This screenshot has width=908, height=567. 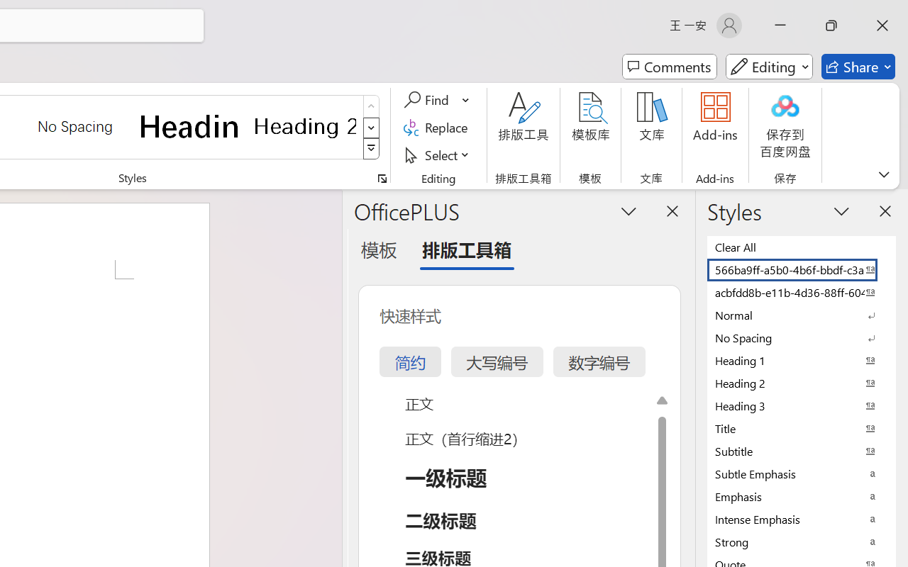 I want to click on 'Intense Emphasis', so click(x=802, y=518).